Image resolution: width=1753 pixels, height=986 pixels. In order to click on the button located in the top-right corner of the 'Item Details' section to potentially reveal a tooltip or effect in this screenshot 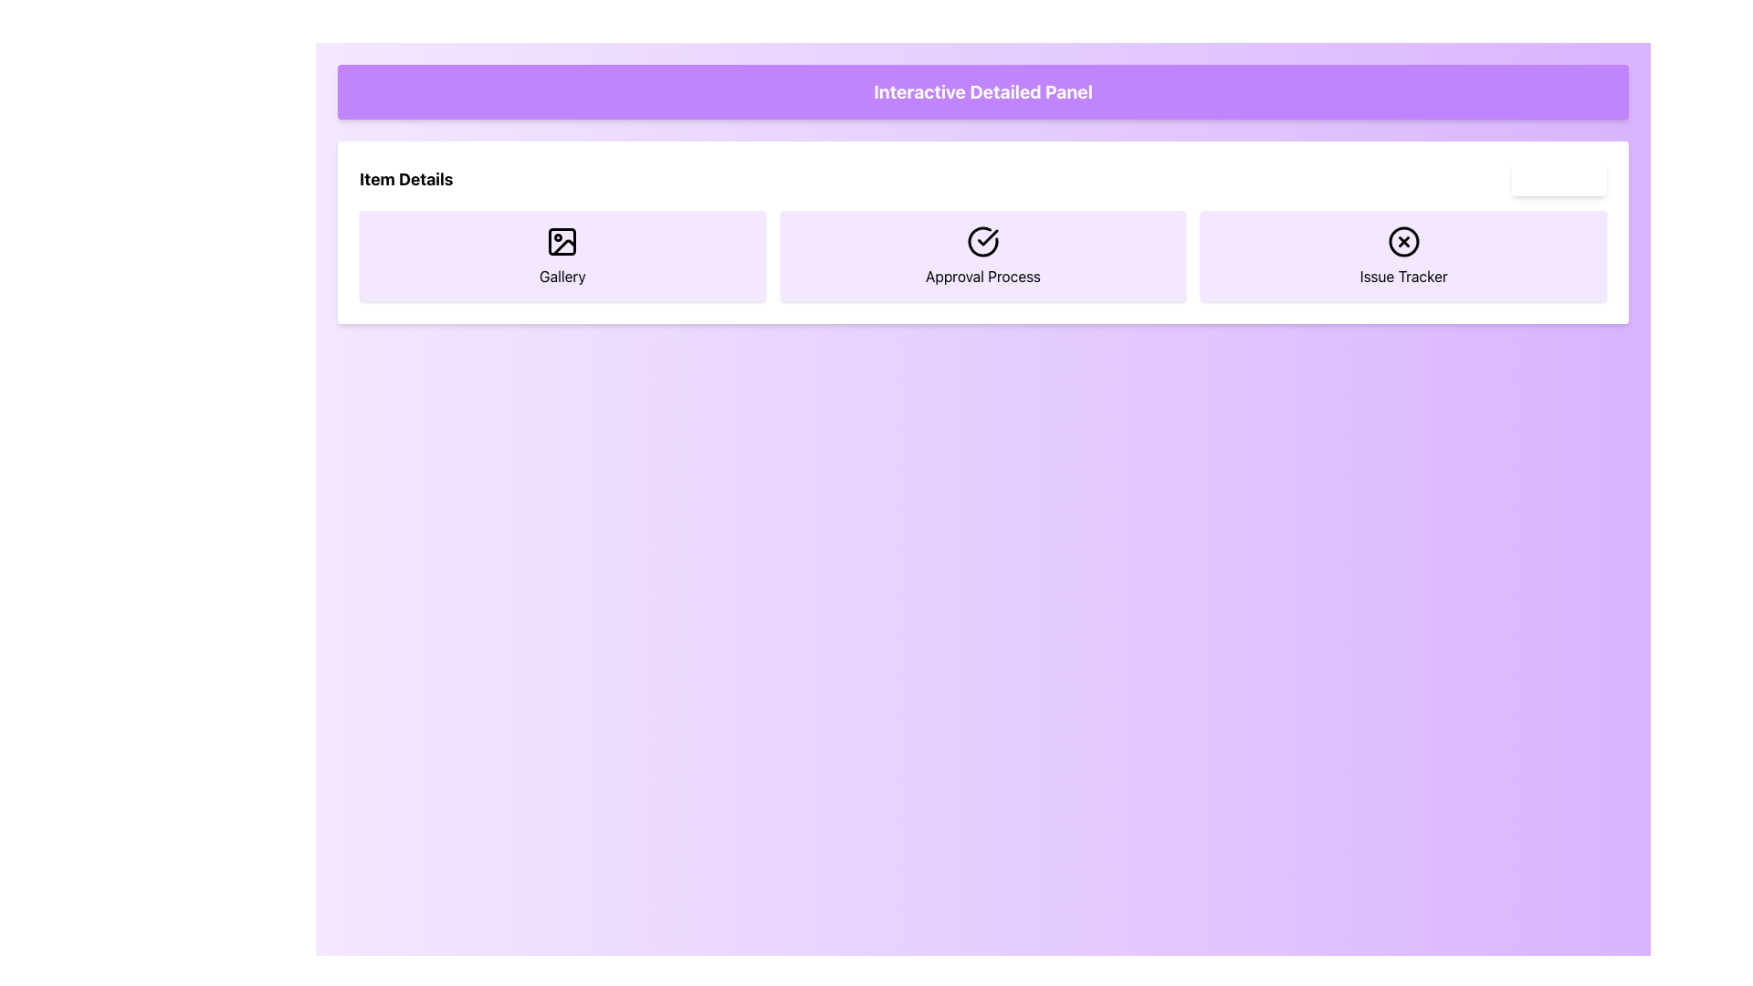, I will do `click(1559, 179)`.